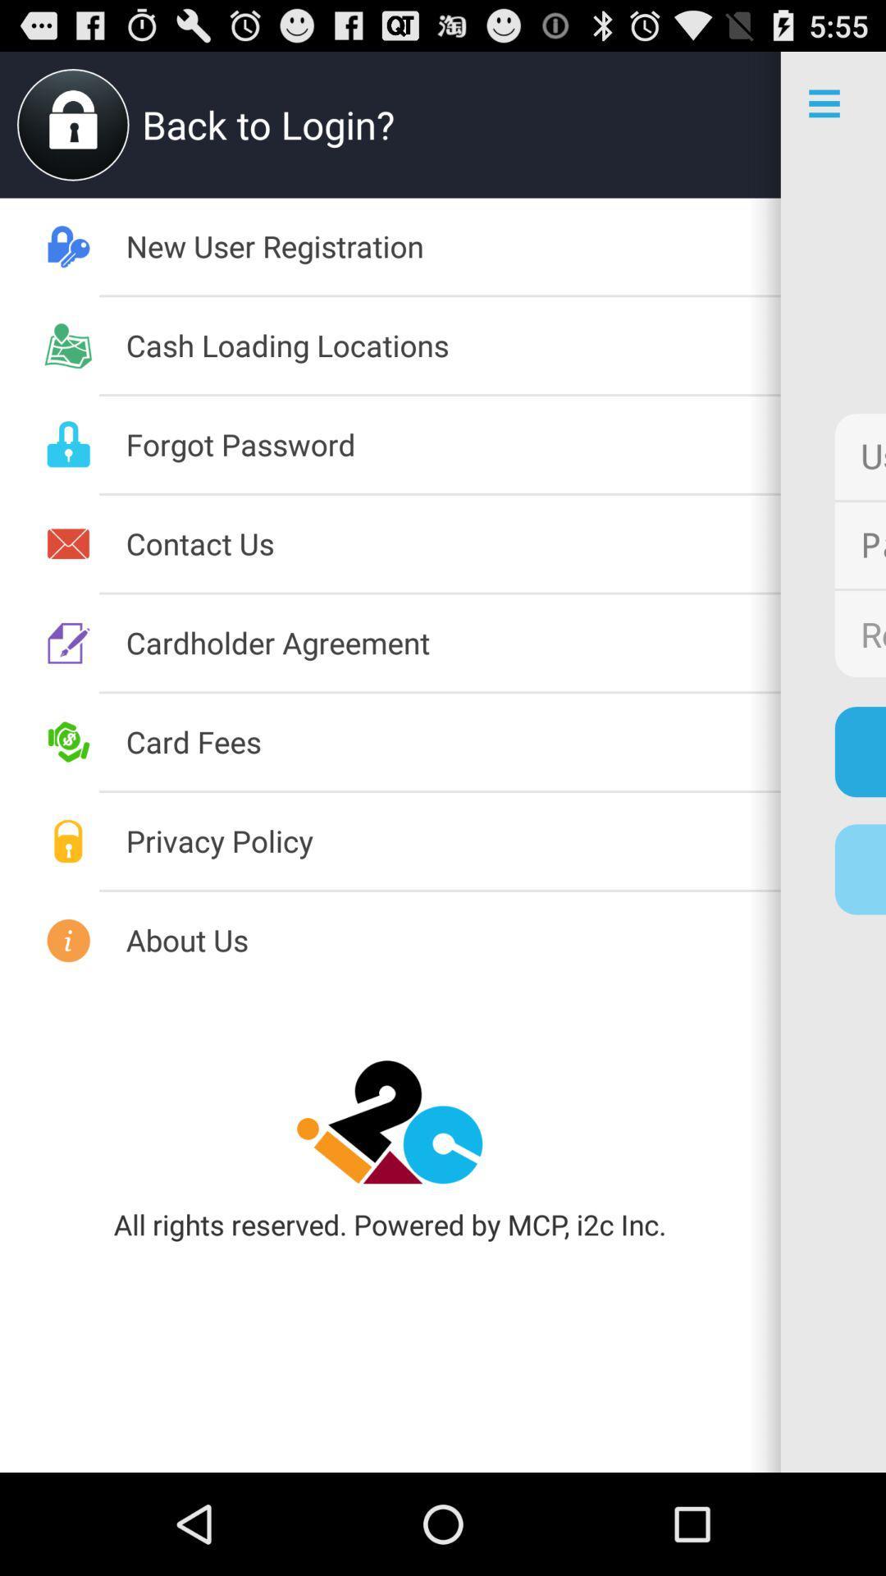  What do you see at coordinates (728, 124) in the screenshot?
I see `app next to the back to login? icon` at bounding box center [728, 124].